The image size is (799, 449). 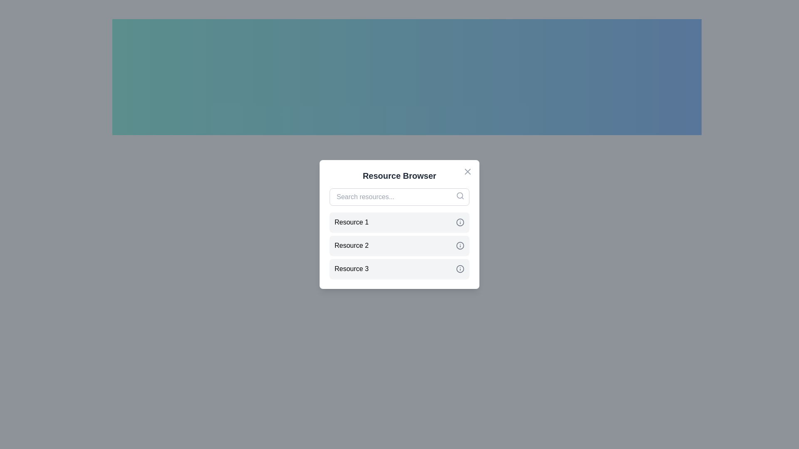 What do you see at coordinates (467, 171) in the screenshot?
I see `the close icon located in the top-right corner of the 'Resource Browser' modal` at bounding box center [467, 171].